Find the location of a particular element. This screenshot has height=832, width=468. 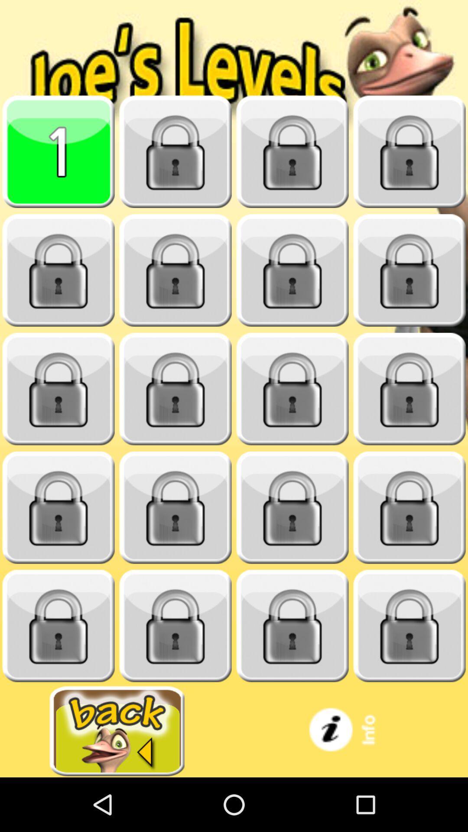

unlock level 16 is located at coordinates (409, 507).